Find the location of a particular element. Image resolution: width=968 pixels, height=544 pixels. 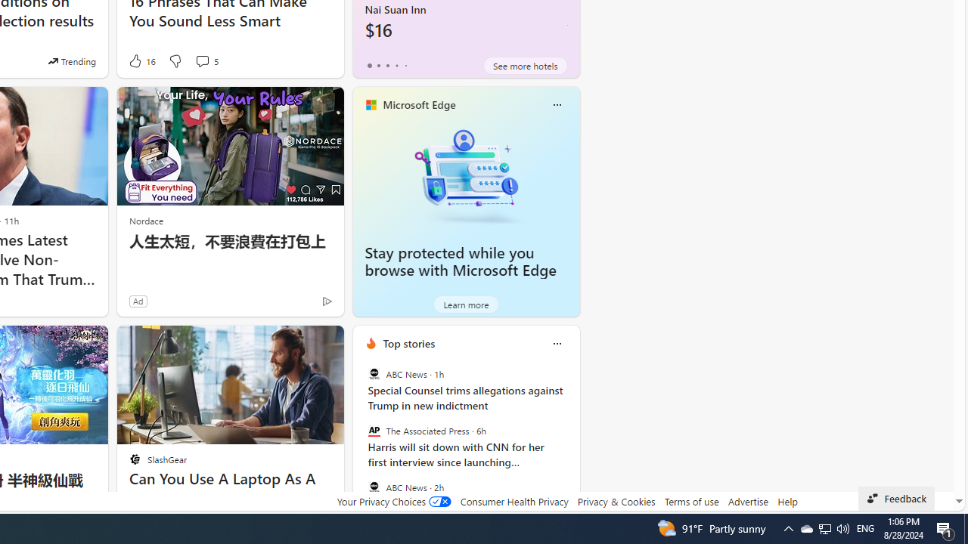

'View comments 5 Comment' is located at coordinates (206, 60).